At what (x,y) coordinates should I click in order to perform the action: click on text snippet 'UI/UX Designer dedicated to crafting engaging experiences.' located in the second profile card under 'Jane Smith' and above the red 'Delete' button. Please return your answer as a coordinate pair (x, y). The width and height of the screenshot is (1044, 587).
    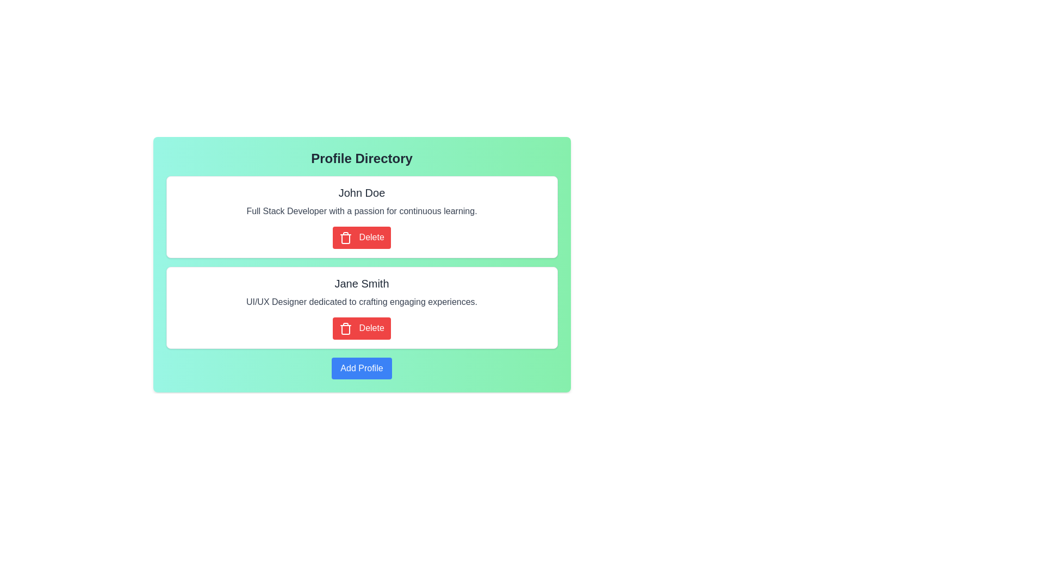
    Looking at the image, I should click on (362, 302).